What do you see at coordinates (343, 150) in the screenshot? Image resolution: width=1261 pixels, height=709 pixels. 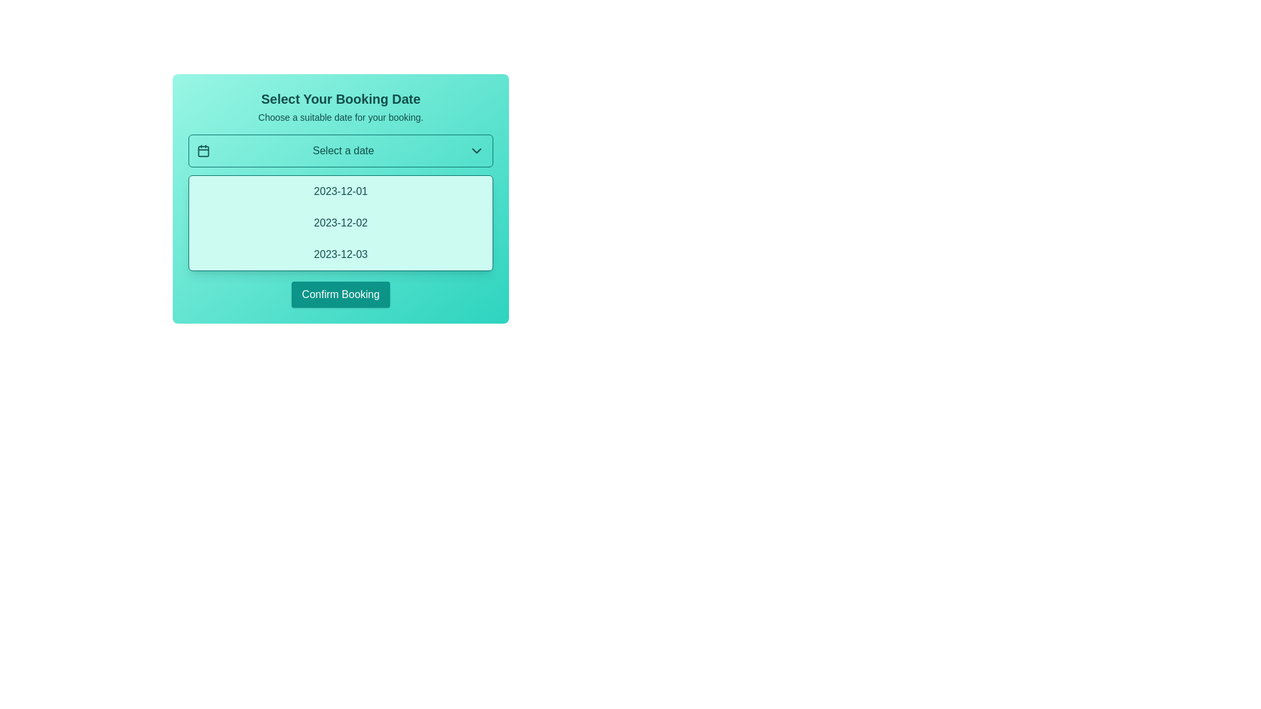 I see `displayed text from the label that says 'Select a date', which is a distinct black-colored text over a teal background, located in the dropdown field area` at bounding box center [343, 150].